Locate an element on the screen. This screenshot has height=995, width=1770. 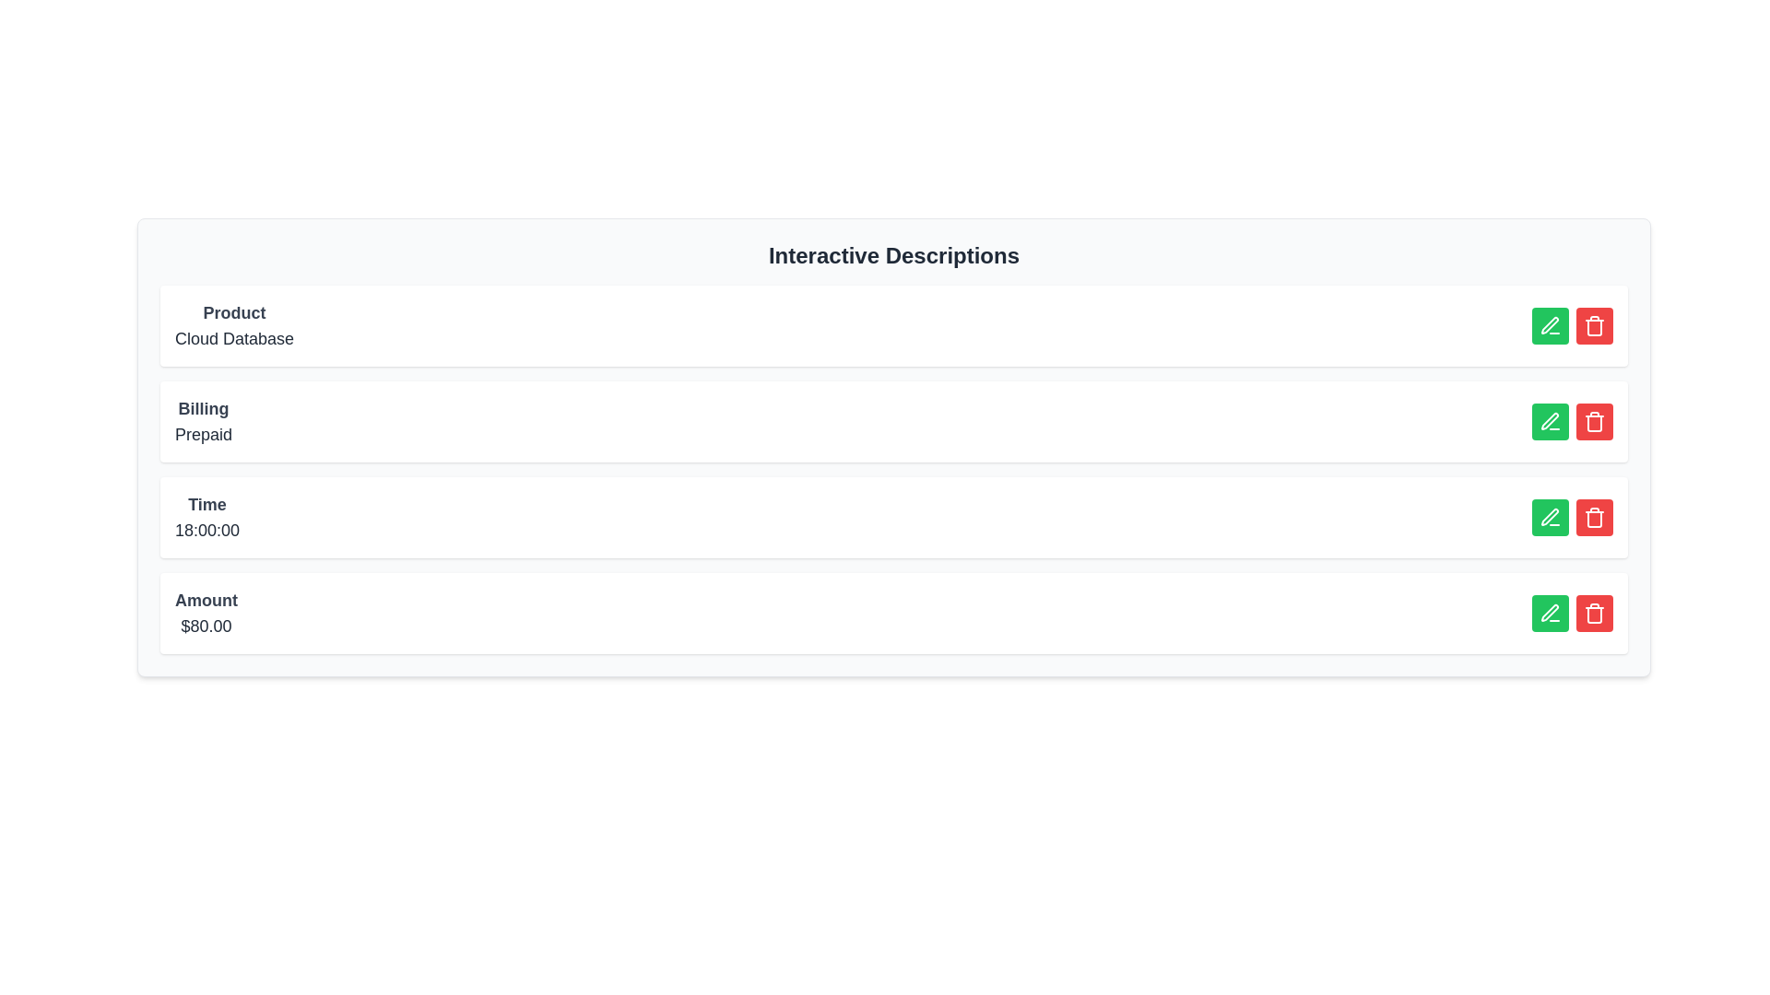
the informational label indicating that the billing method is prepaid, located in the 'Billing' section, below the header text 'Billing' is located at coordinates (203, 434).